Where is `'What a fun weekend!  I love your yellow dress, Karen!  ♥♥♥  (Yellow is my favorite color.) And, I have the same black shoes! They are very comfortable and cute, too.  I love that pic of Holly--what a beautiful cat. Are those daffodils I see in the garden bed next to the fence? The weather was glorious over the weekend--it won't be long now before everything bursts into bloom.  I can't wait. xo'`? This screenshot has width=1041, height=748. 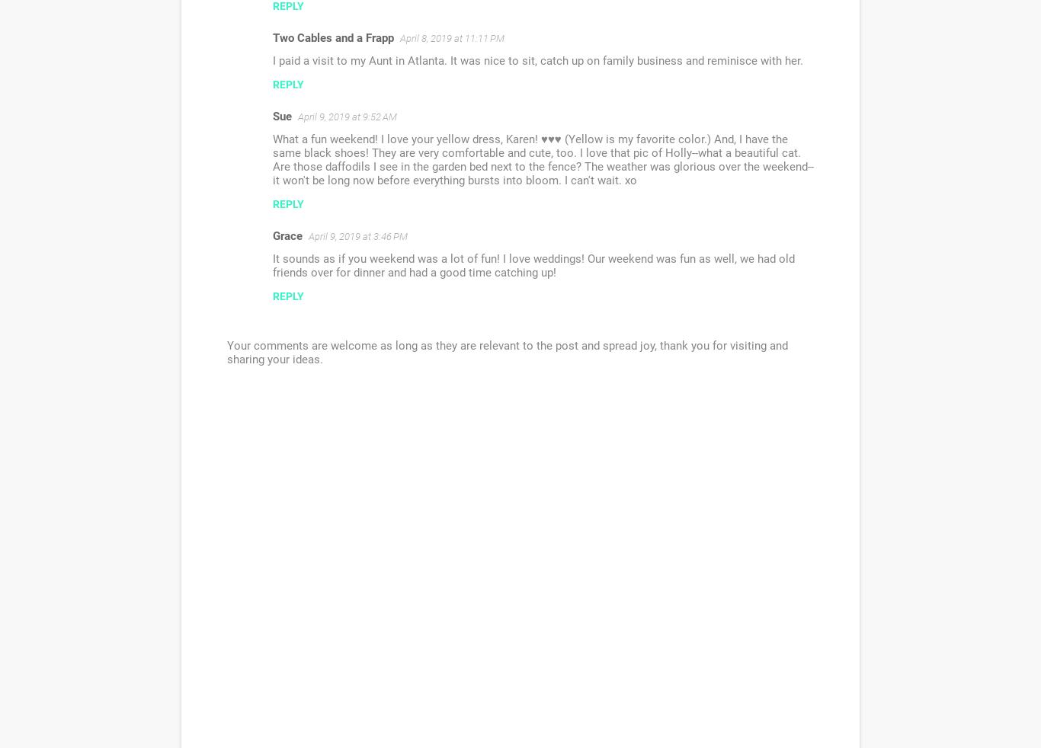
'What a fun weekend!  I love your yellow dress, Karen!  ♥♥♥  (Yellow is my favorite color.) And, I have the same black shoes! They are very comfortable and cute, too.  I love that pic of Holly--what a beautiful cat. Are those daffodils I see in the garden bed next to the fence? The weather was glorious over the weekend--it won't be long now before everything bursts into bloom.  I can't wait. xo' is located at coordinates (543, 158).